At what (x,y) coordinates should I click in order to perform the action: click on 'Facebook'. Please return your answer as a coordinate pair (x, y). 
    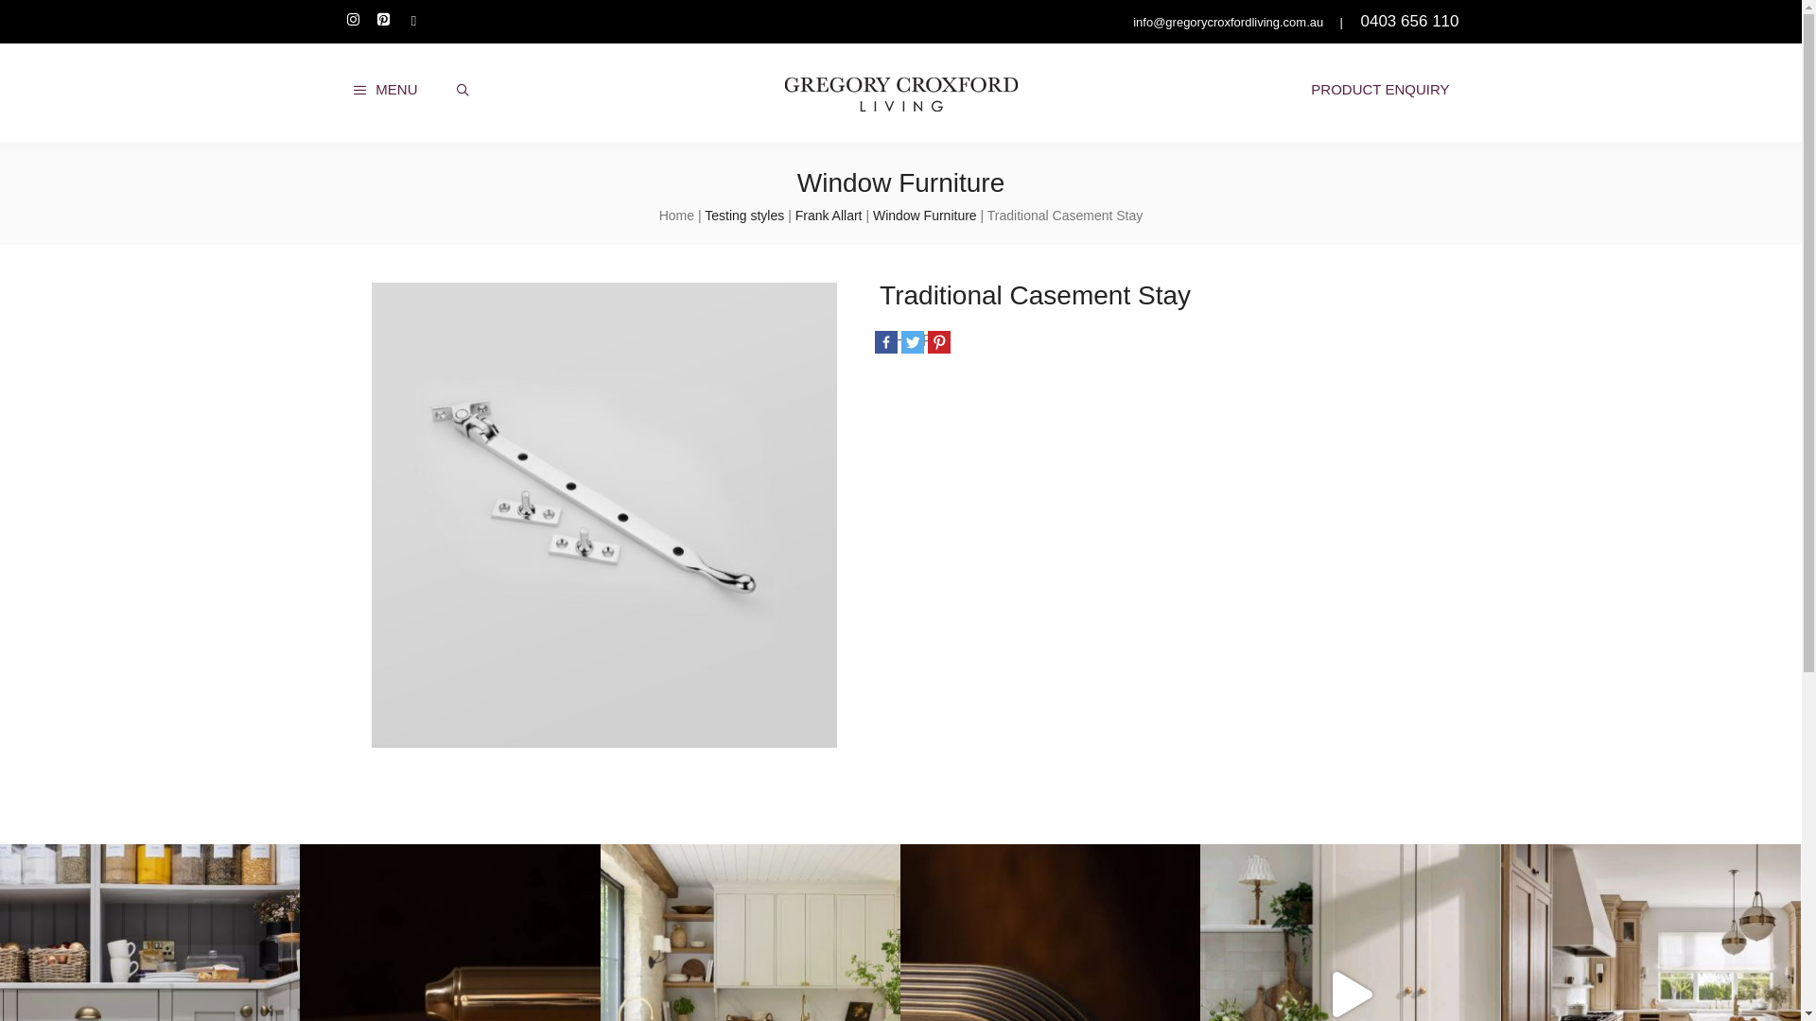
    Looking at the image, I should click on (884, 342).